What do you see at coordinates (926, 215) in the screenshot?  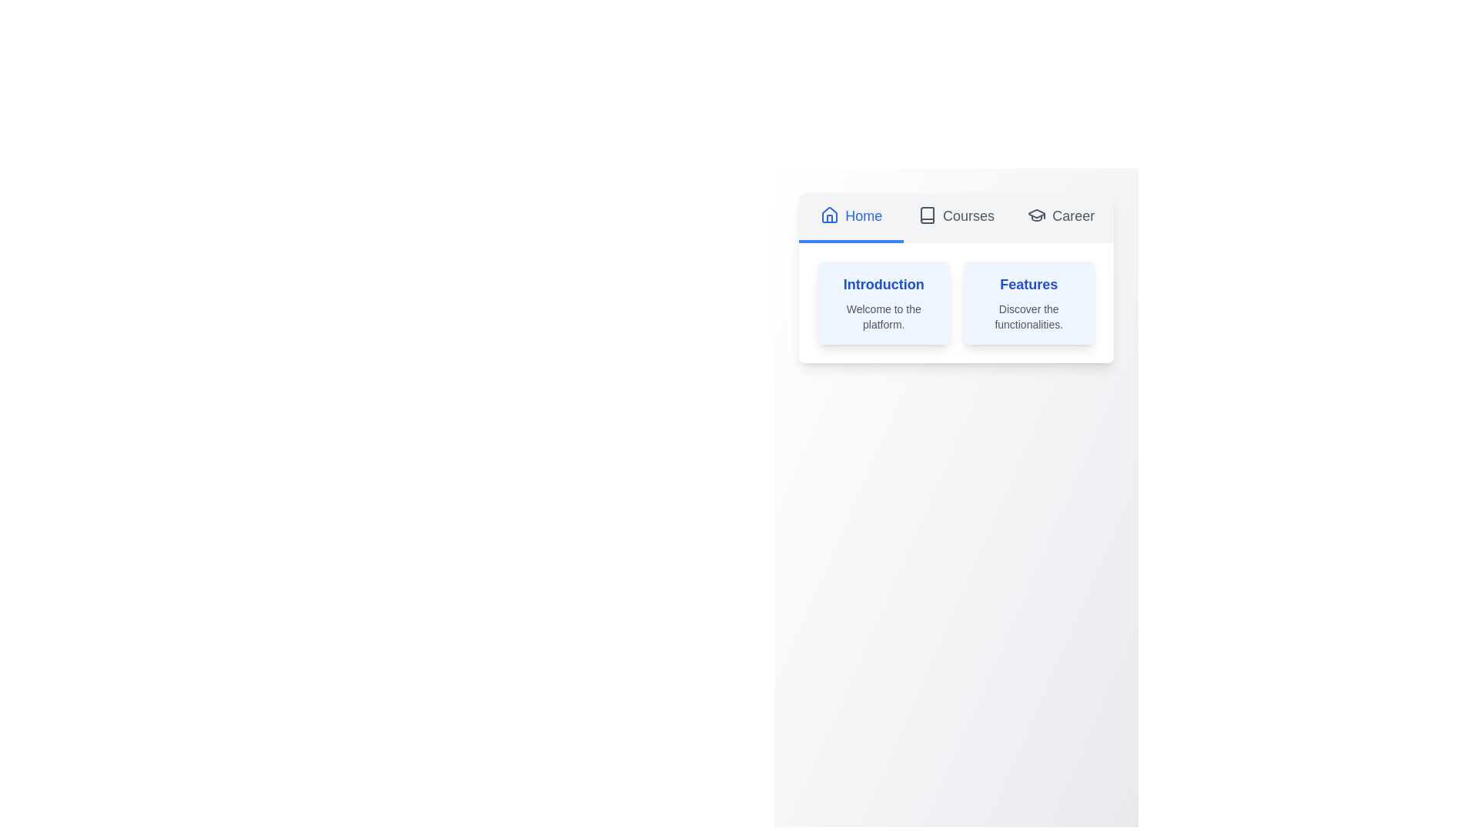 I see `the gray outline book icon located in the 'Courses' tab of the top navigation menu` at bounding box center [926, 215].